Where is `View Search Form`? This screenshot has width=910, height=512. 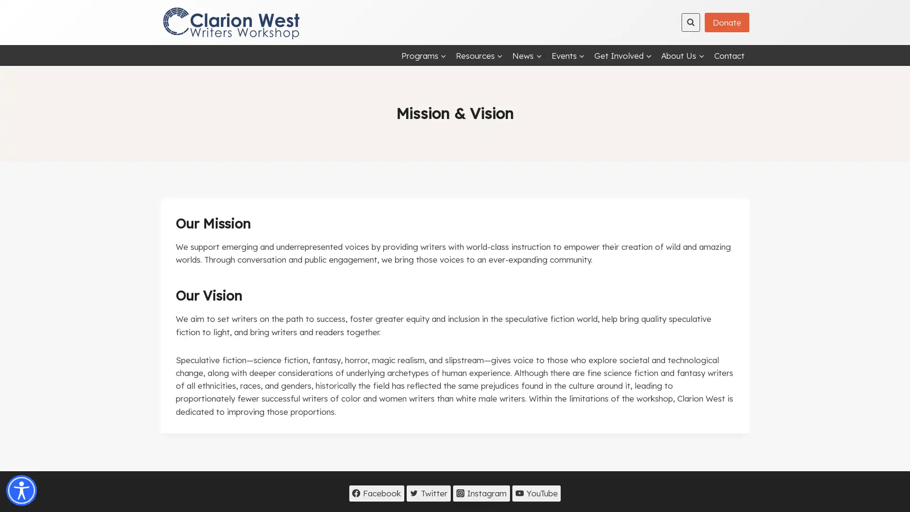
View Search Form is located at coordinates (691, 21).